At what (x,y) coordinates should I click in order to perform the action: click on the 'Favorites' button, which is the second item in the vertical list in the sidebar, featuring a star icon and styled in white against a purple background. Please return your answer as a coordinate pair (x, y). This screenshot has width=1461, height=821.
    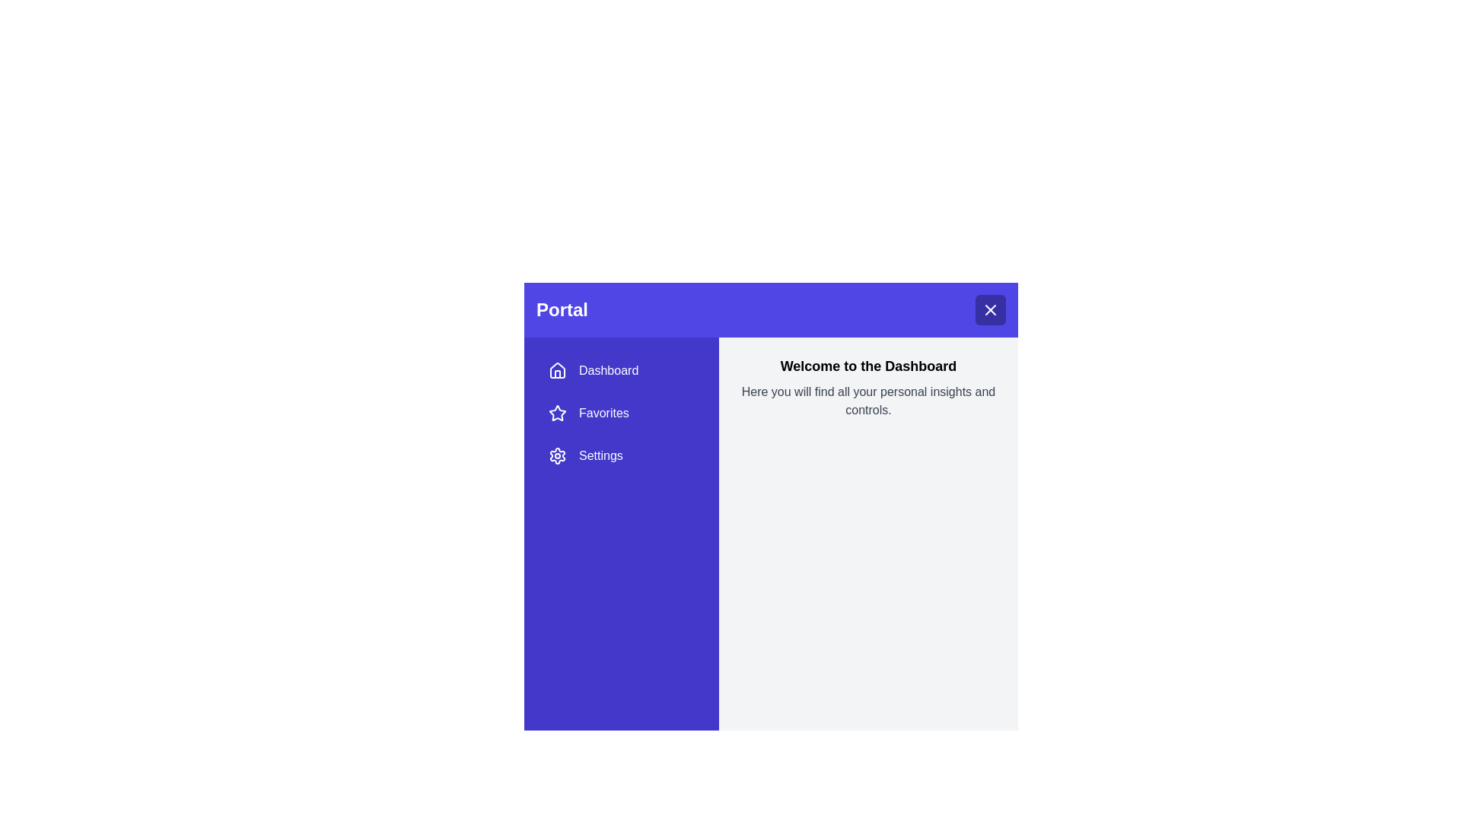
    Looking at the image, I should click on (621, 413).